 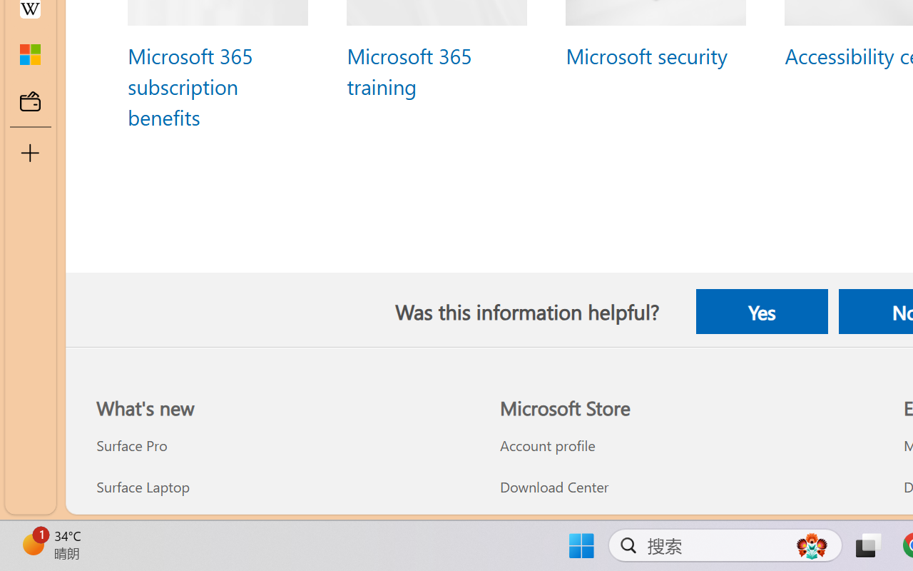 I want to click on 'Microsoft 365 training', so click(x=407, y=71).